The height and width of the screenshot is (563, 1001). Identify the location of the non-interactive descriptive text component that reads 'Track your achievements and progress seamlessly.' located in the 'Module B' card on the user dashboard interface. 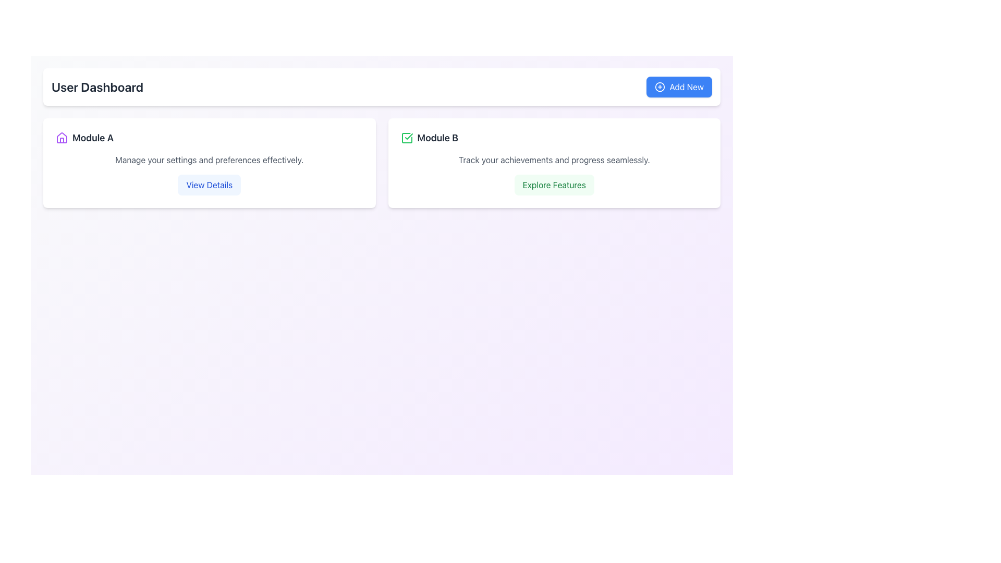
(554, 160).